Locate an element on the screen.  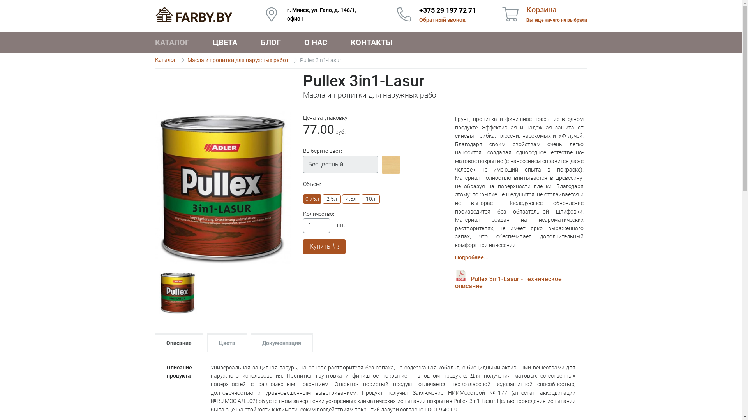
'+375 29 197 72 71' is located at coordinates (447, 10).